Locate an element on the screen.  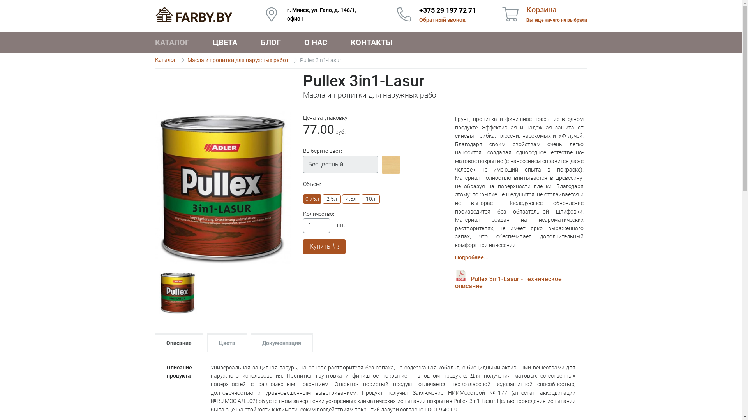
'+375 29 197 72 71' is located at coordinates (447, 10).